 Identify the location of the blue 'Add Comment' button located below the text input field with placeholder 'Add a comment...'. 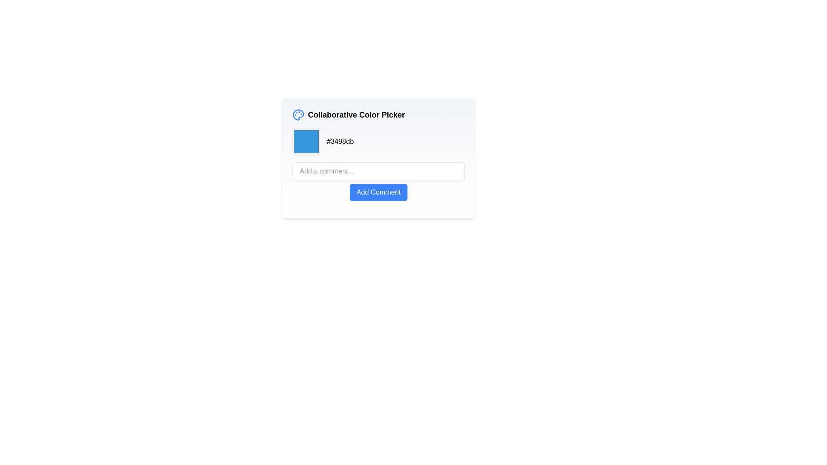
(378, 192).